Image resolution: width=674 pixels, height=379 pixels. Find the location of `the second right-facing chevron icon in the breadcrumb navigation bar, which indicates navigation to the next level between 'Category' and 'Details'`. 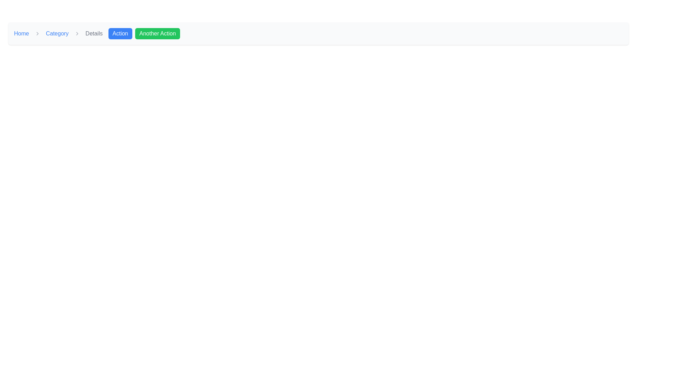

the second right-facing chevron icon in the breadcrumb navigation bar, which indicates navigation to the next level between 'Category' and 'Details' is located at coordinates (77, 34).